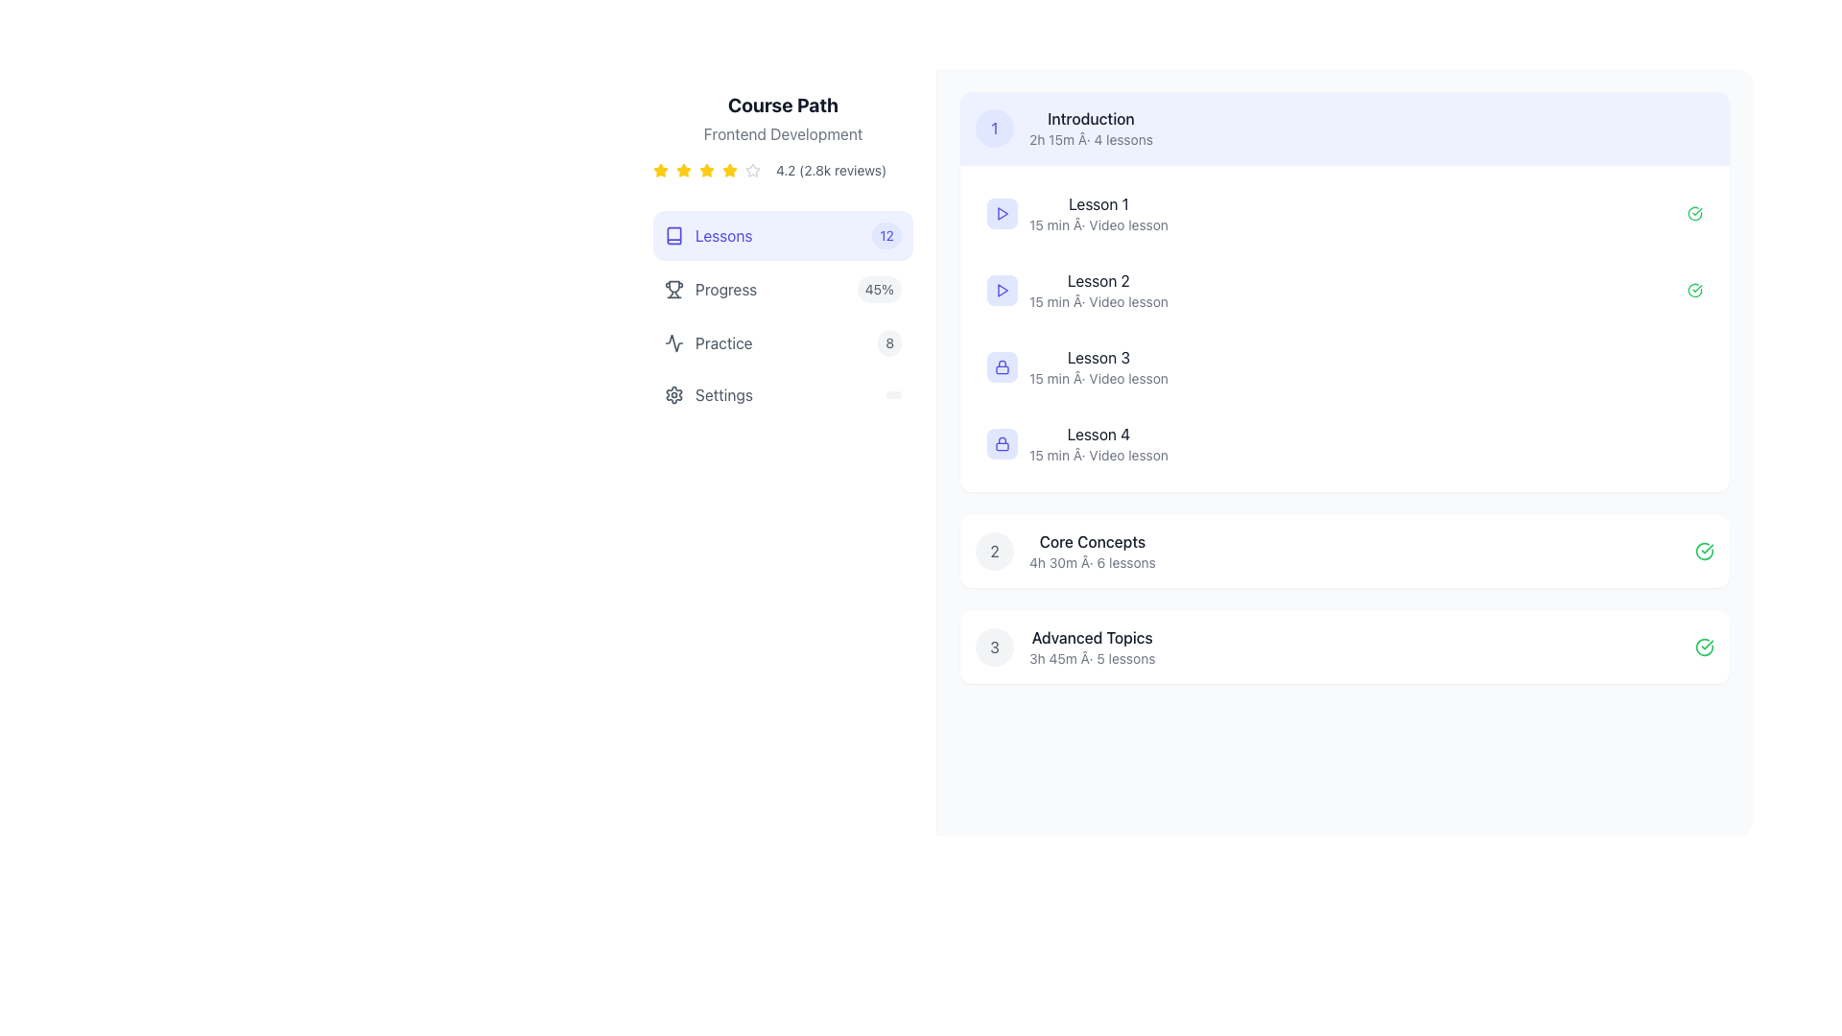 This screenshot has width=1842, height=1036. I want to click on the triangular play icon indicating video content for 'Lesson 2', located beside 'Lesson 2' in the lesson list, so click(1002, 291).